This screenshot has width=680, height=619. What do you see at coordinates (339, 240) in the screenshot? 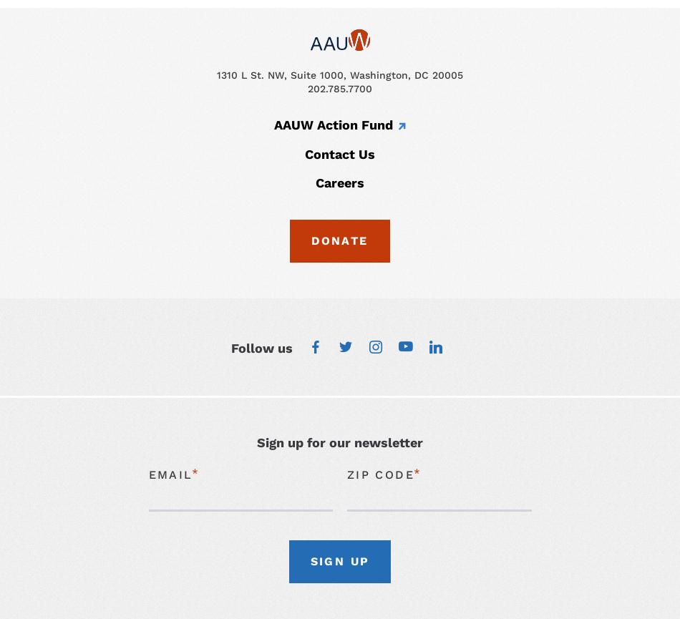
I see `'Donate'` at bounding box center [339, 240].